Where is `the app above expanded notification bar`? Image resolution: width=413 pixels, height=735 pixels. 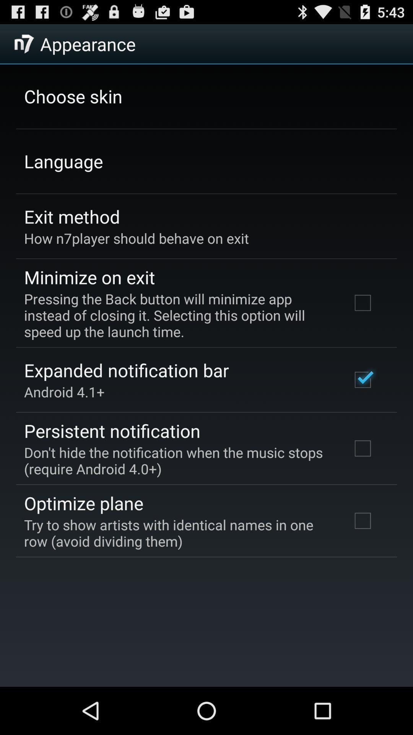
the app above expanded notification bar is located at coordinates (177, 315).